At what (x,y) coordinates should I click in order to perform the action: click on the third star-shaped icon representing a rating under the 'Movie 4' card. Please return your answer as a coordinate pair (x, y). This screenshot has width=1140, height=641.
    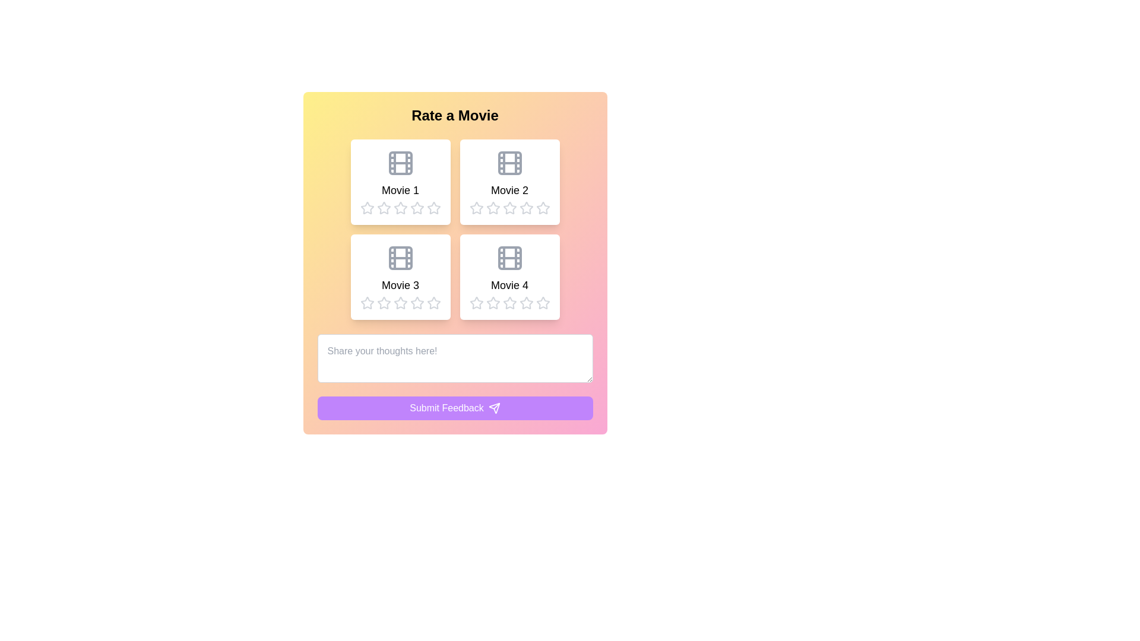
    Looking at the image, I should click on (525, 302).